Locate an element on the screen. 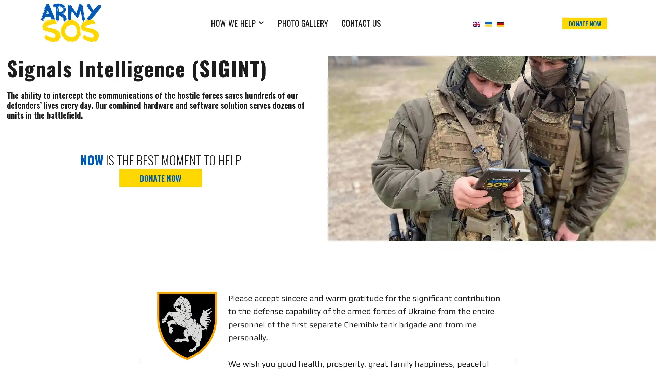 Image resolution: width=656 pixels, height=369 pixels. DONATE NOW is located at coordinates (160, 177).